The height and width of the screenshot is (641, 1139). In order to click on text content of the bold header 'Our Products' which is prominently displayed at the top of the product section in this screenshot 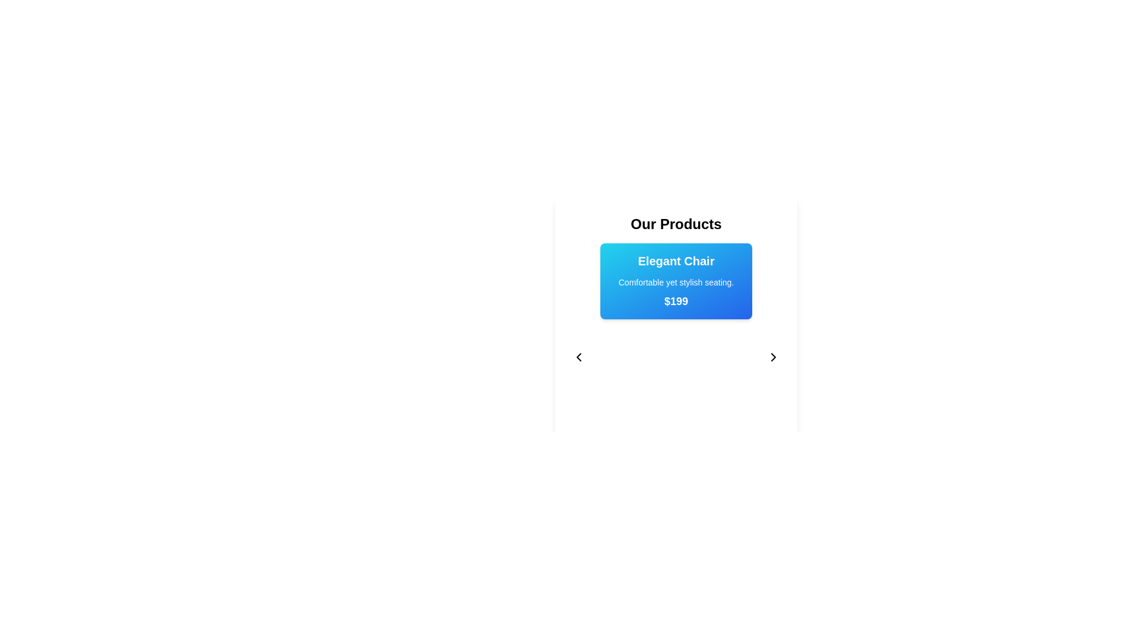, I will do `click(676, 224)`.